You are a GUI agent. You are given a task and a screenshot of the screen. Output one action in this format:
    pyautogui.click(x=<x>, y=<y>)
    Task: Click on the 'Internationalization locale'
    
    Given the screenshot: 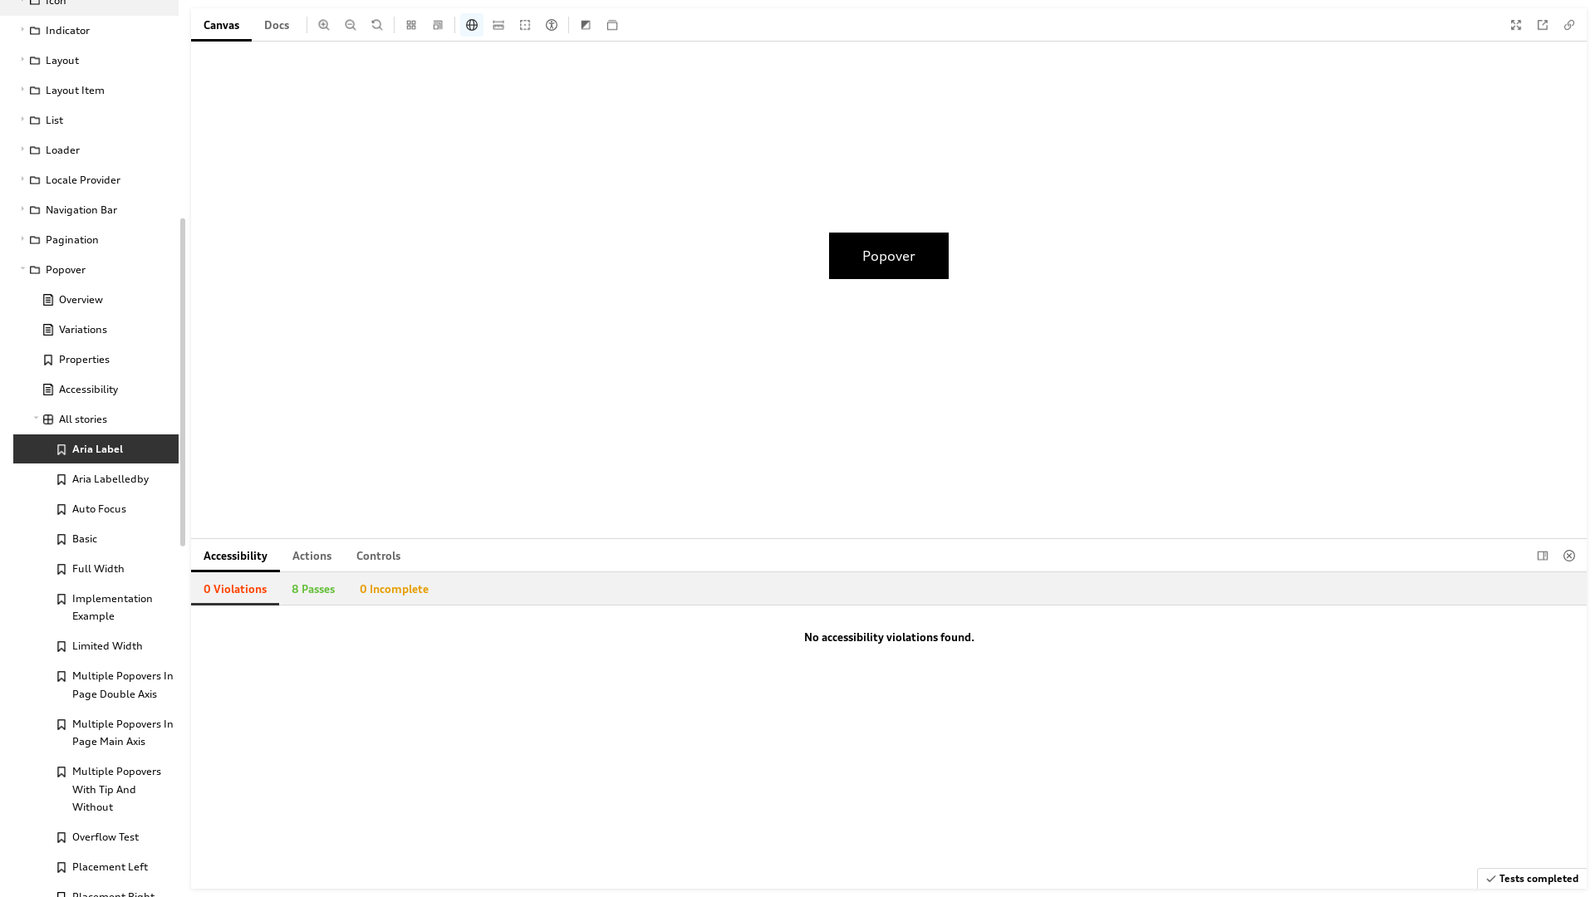 What is the action you would take?
    pyautogui.click(x=459, y=25)
    